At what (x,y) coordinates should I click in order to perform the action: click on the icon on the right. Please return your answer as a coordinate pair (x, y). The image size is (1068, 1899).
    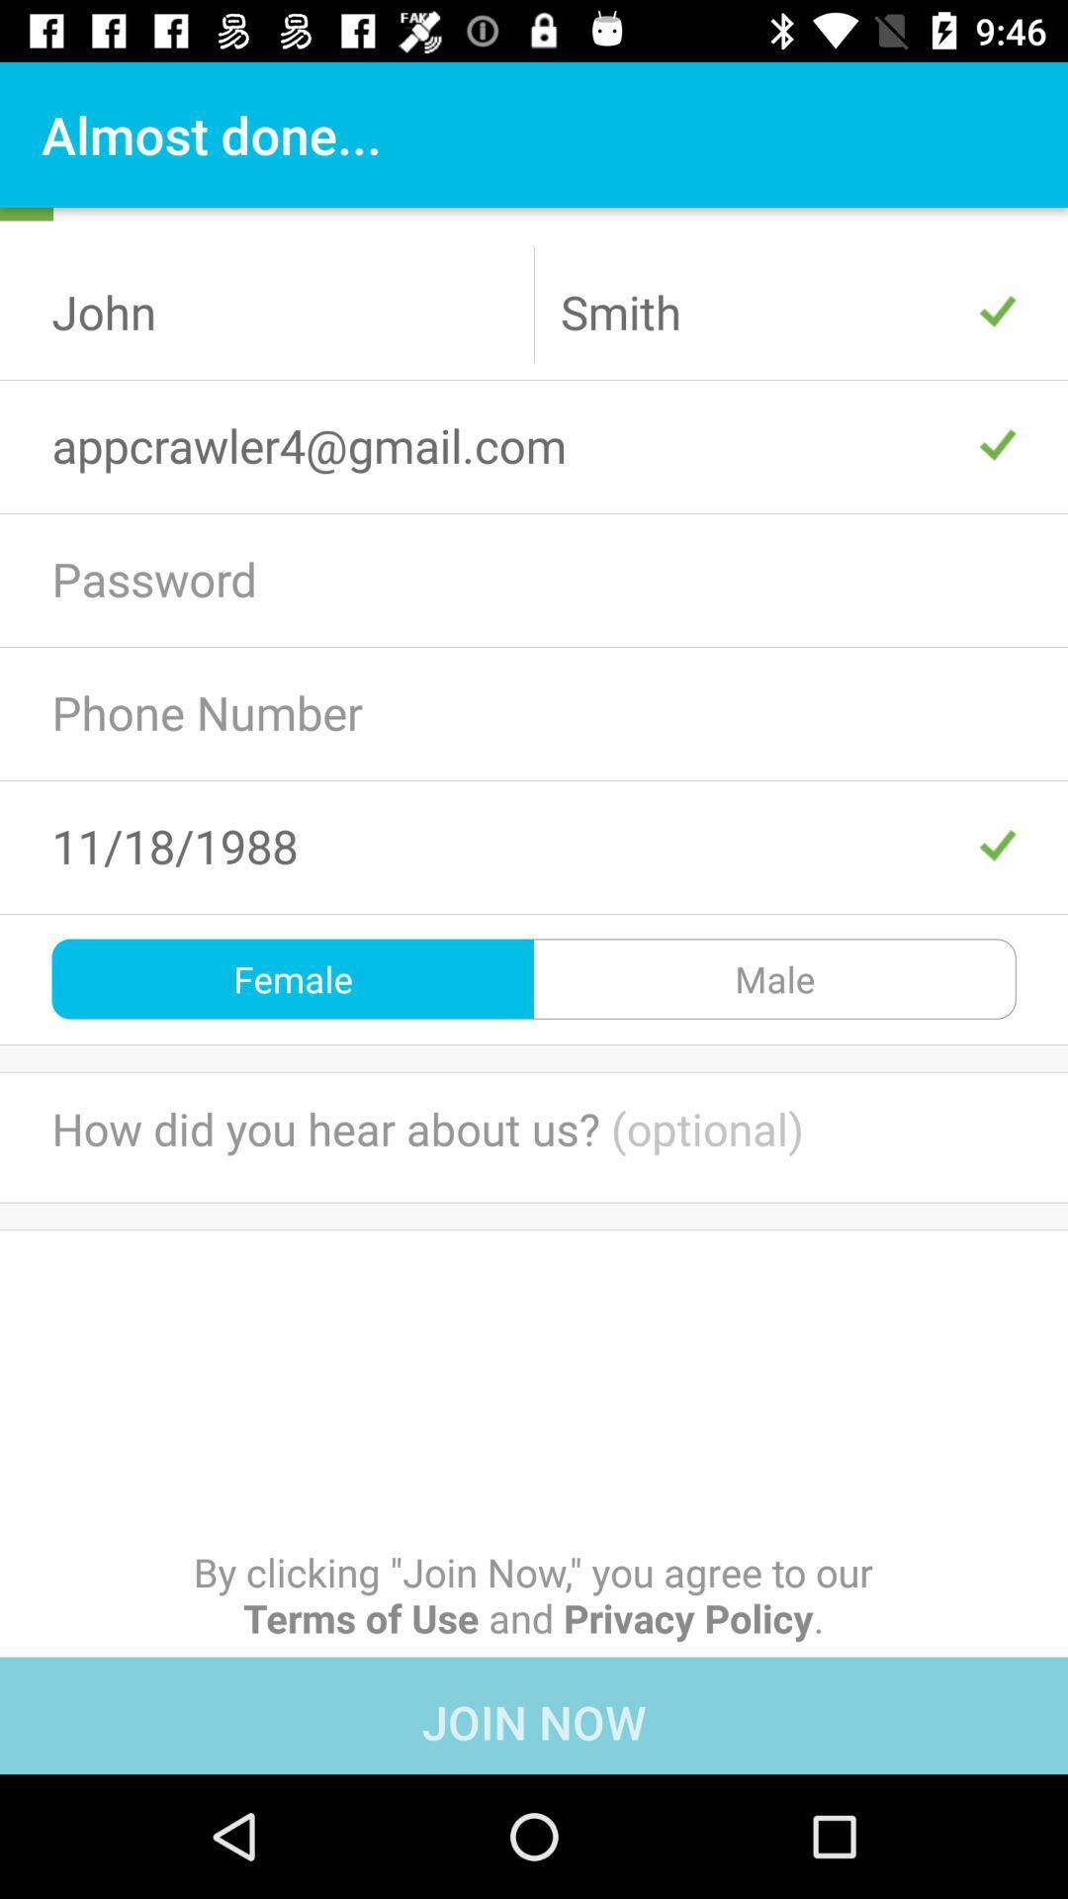
    Looking at the image, I should click on (773, 978).